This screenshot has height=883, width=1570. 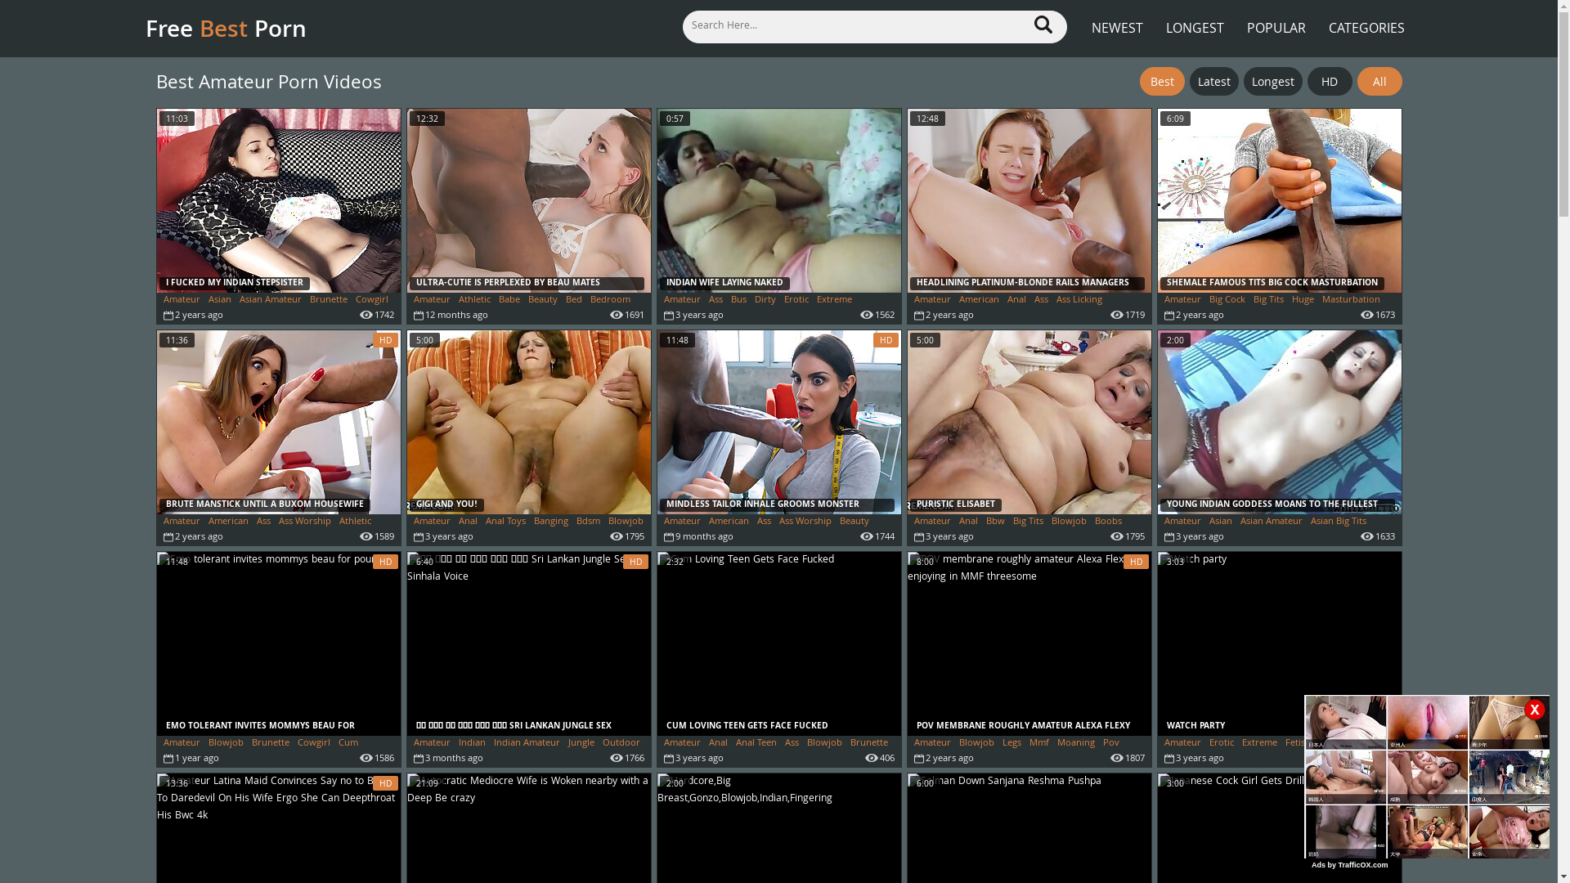 I want to click on 'NEWEST', so click(x=1083, y=19).